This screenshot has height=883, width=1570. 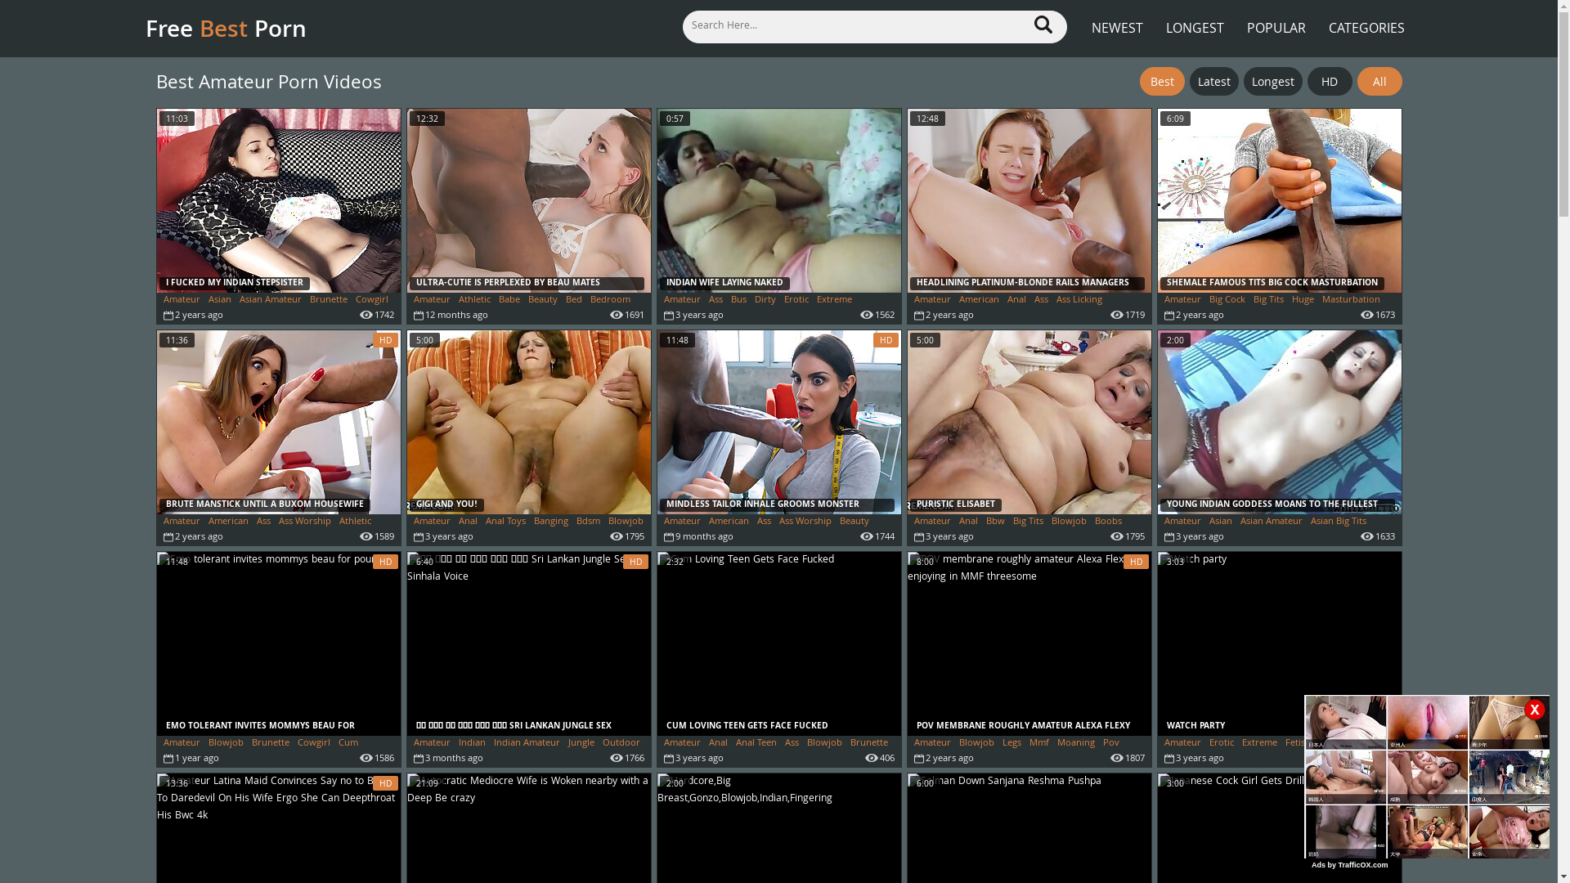 I want to click on 'NEWEST', so click(x=1083, y=19).